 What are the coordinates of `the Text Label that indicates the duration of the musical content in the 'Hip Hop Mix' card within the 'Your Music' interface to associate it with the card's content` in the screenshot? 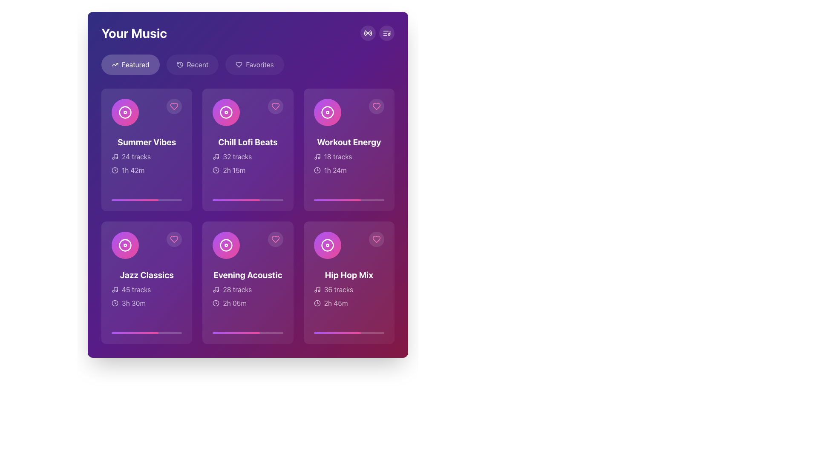 It's located at (335, 303).